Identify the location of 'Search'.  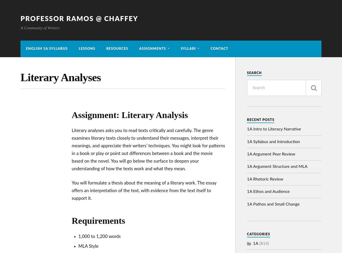
(254, 72).